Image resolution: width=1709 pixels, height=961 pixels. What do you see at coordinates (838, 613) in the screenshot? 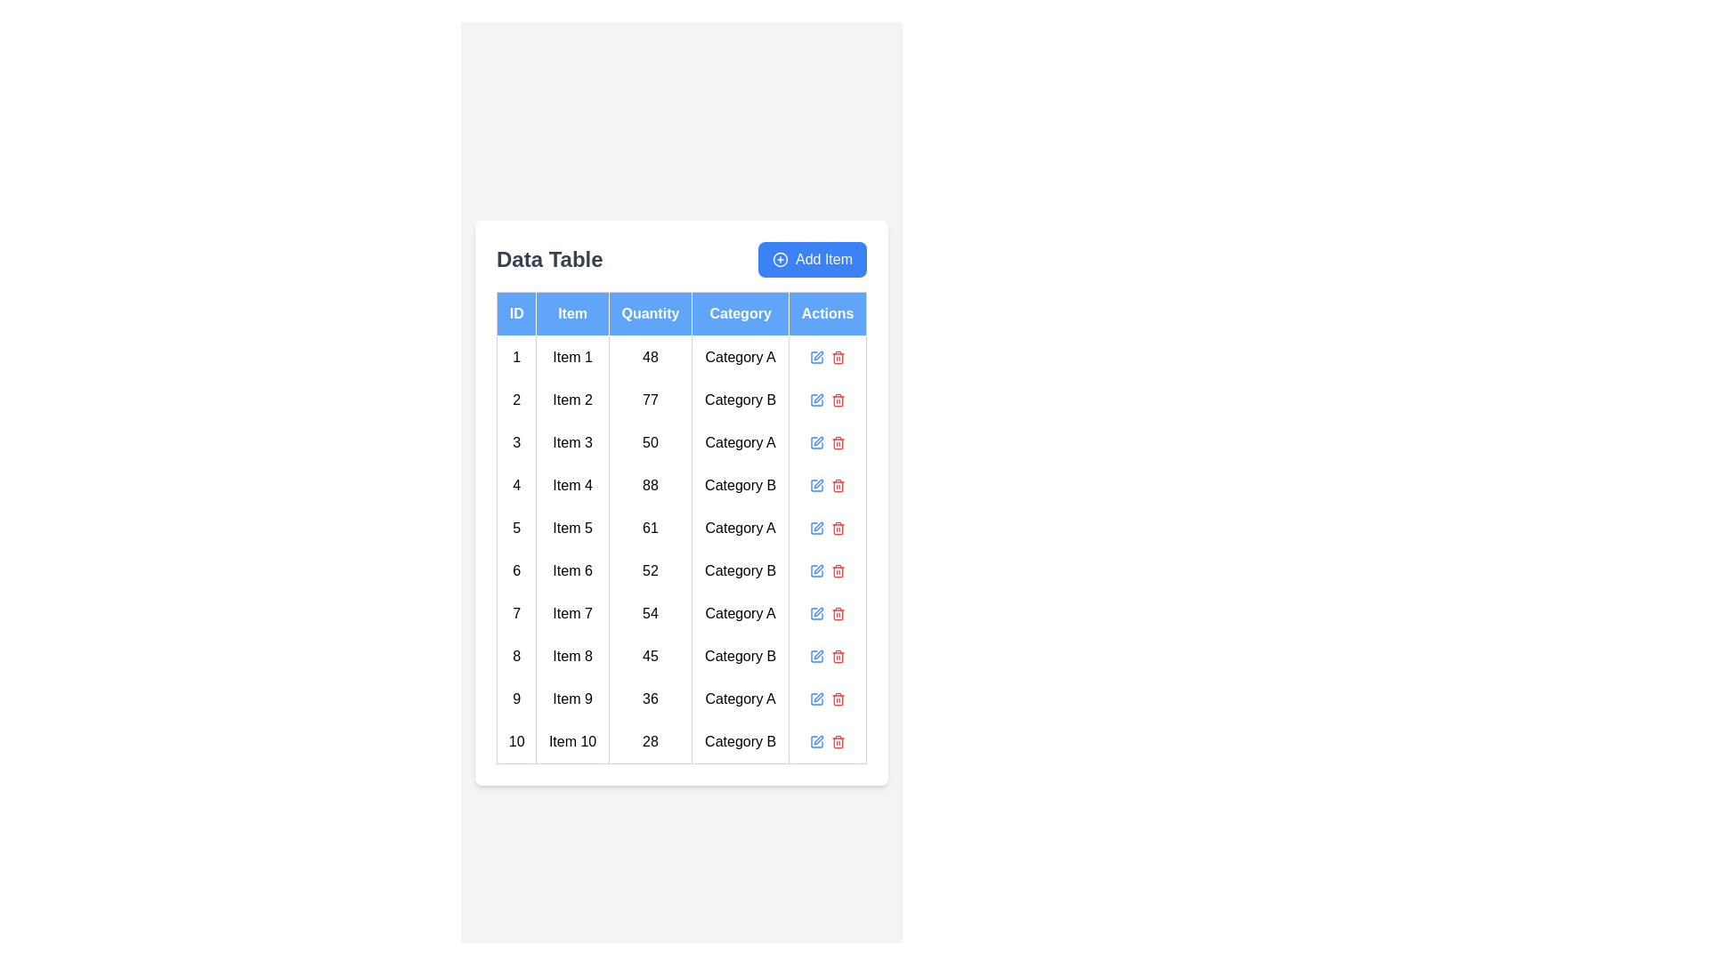
I see `the central part of the trash icon in the 'Actions' column of the data table for 'Item 7'` at bounding box center [838, 613].